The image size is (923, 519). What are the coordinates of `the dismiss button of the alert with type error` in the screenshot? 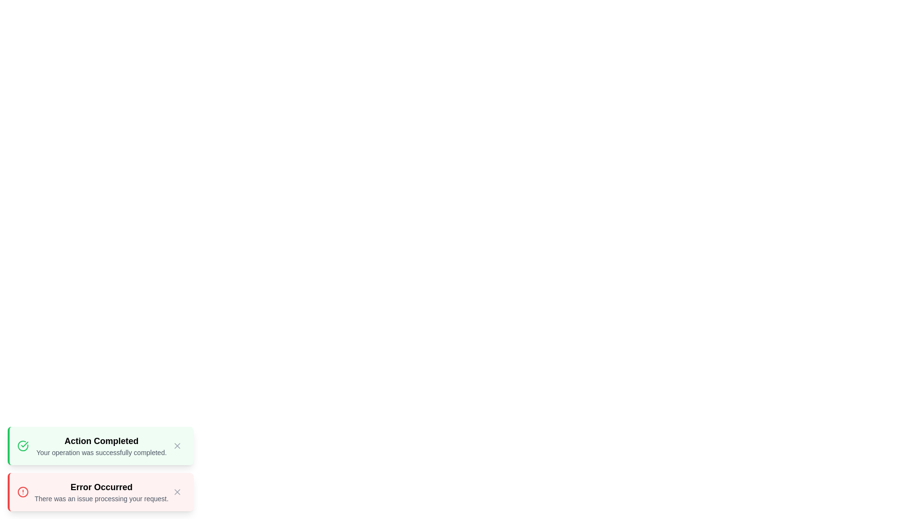 It's located at (177, 492).